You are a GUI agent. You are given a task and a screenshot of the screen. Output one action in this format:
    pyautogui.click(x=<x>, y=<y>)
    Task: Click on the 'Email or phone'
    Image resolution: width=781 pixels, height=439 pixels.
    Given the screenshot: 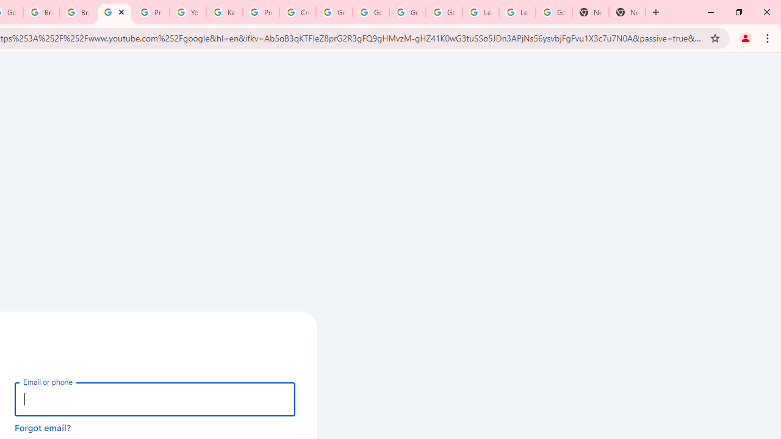 What is the action you would take?
    pyautogui.click(x=154, y=399)
    